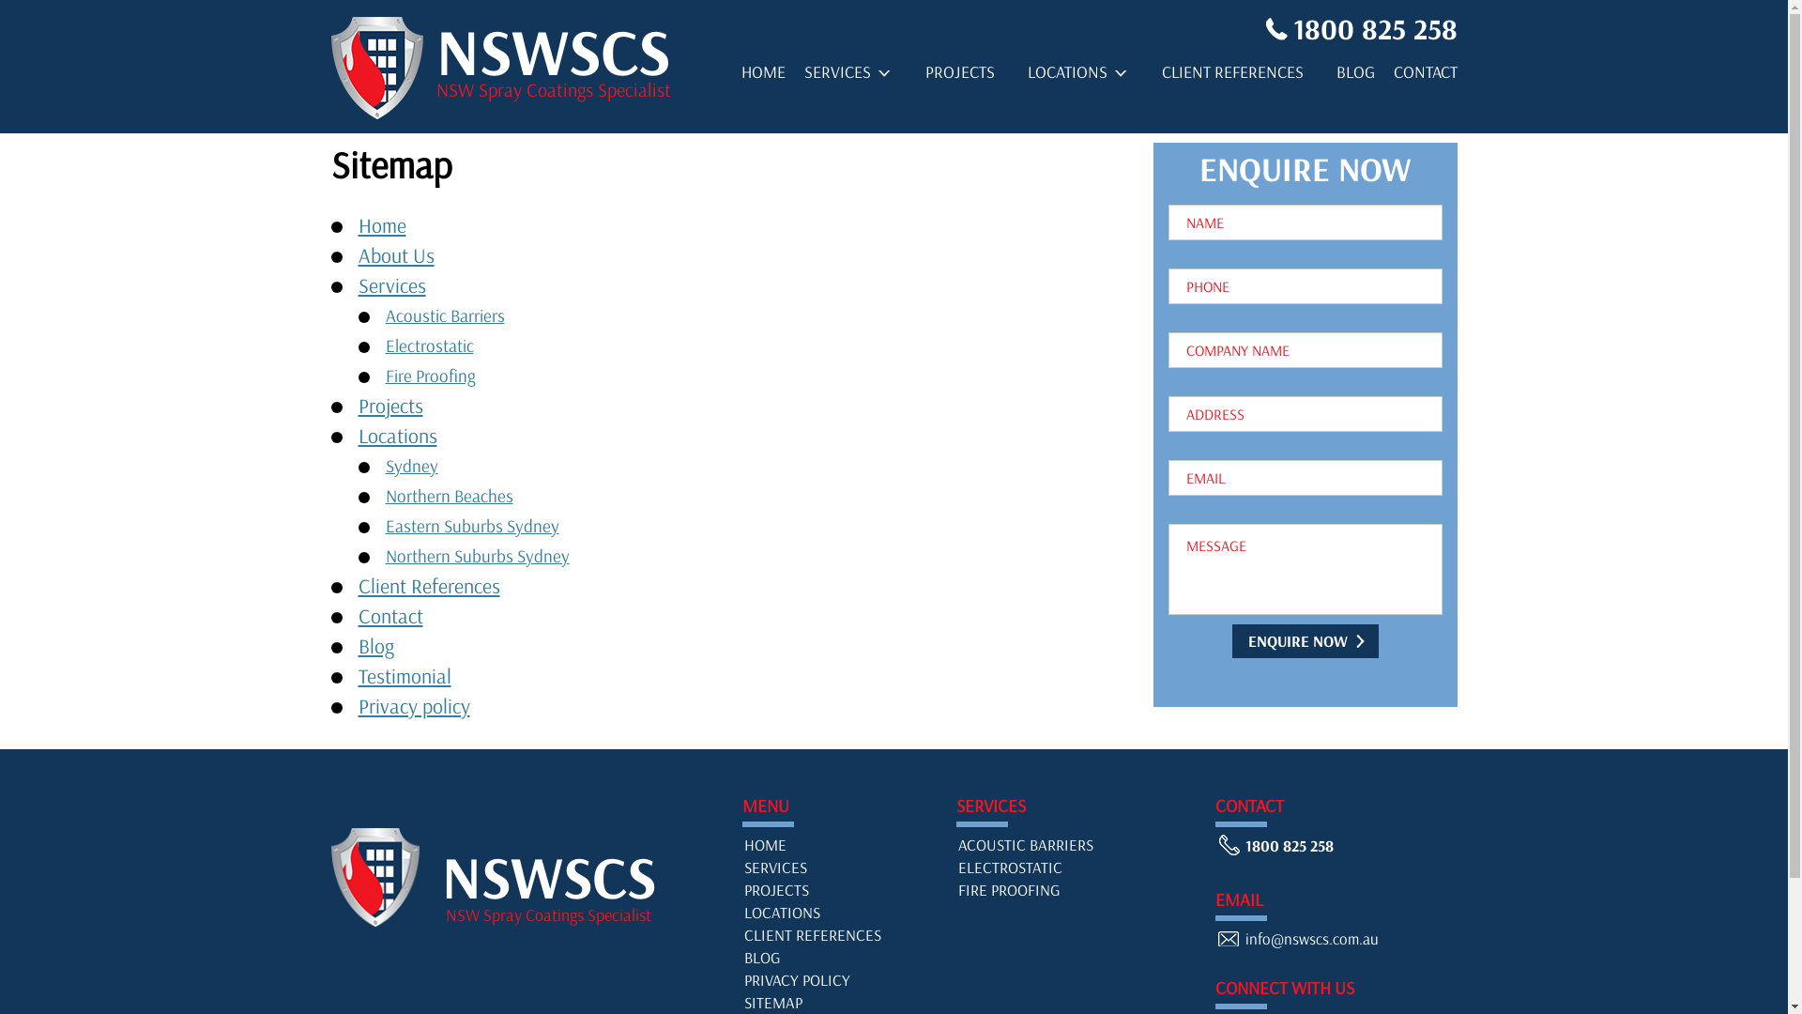  I want to click on 'SERVICES', so click(846, 73).